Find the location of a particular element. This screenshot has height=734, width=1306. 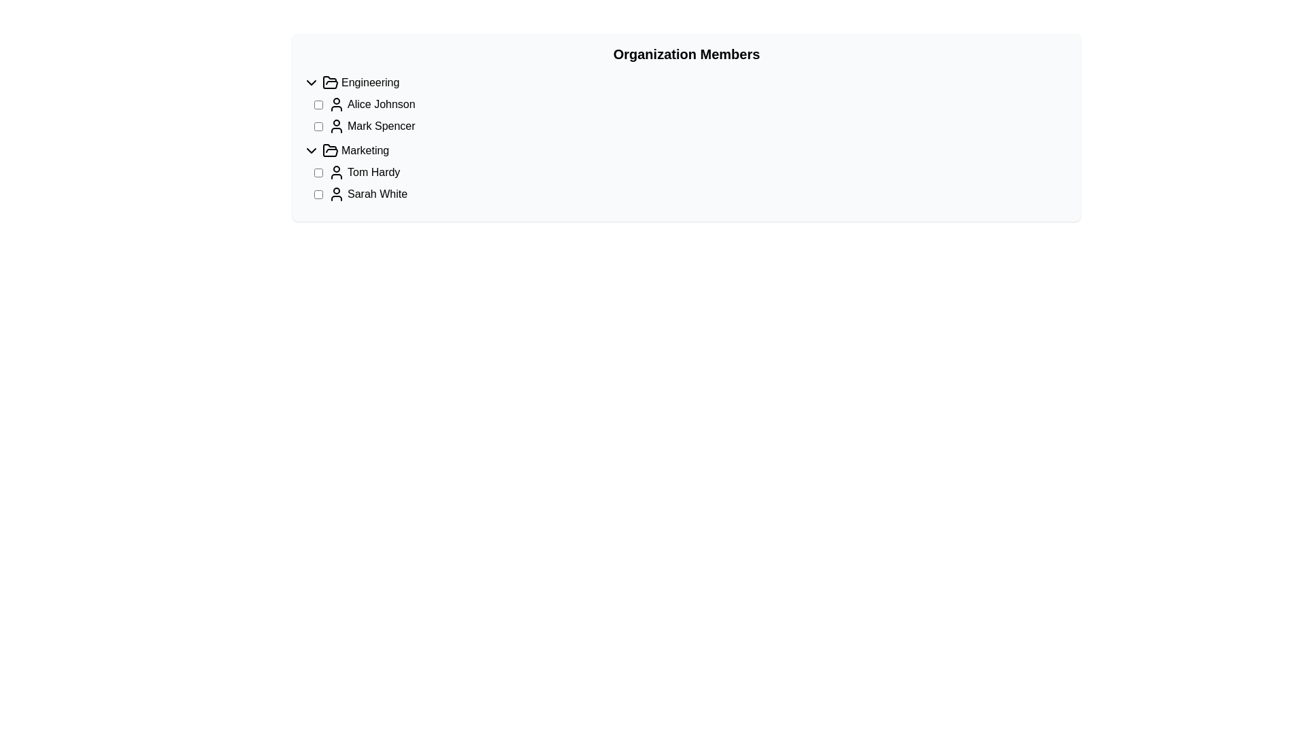

the 'Engineering' folder label located in the upper left section of the list is located at coordinates (361, 83).